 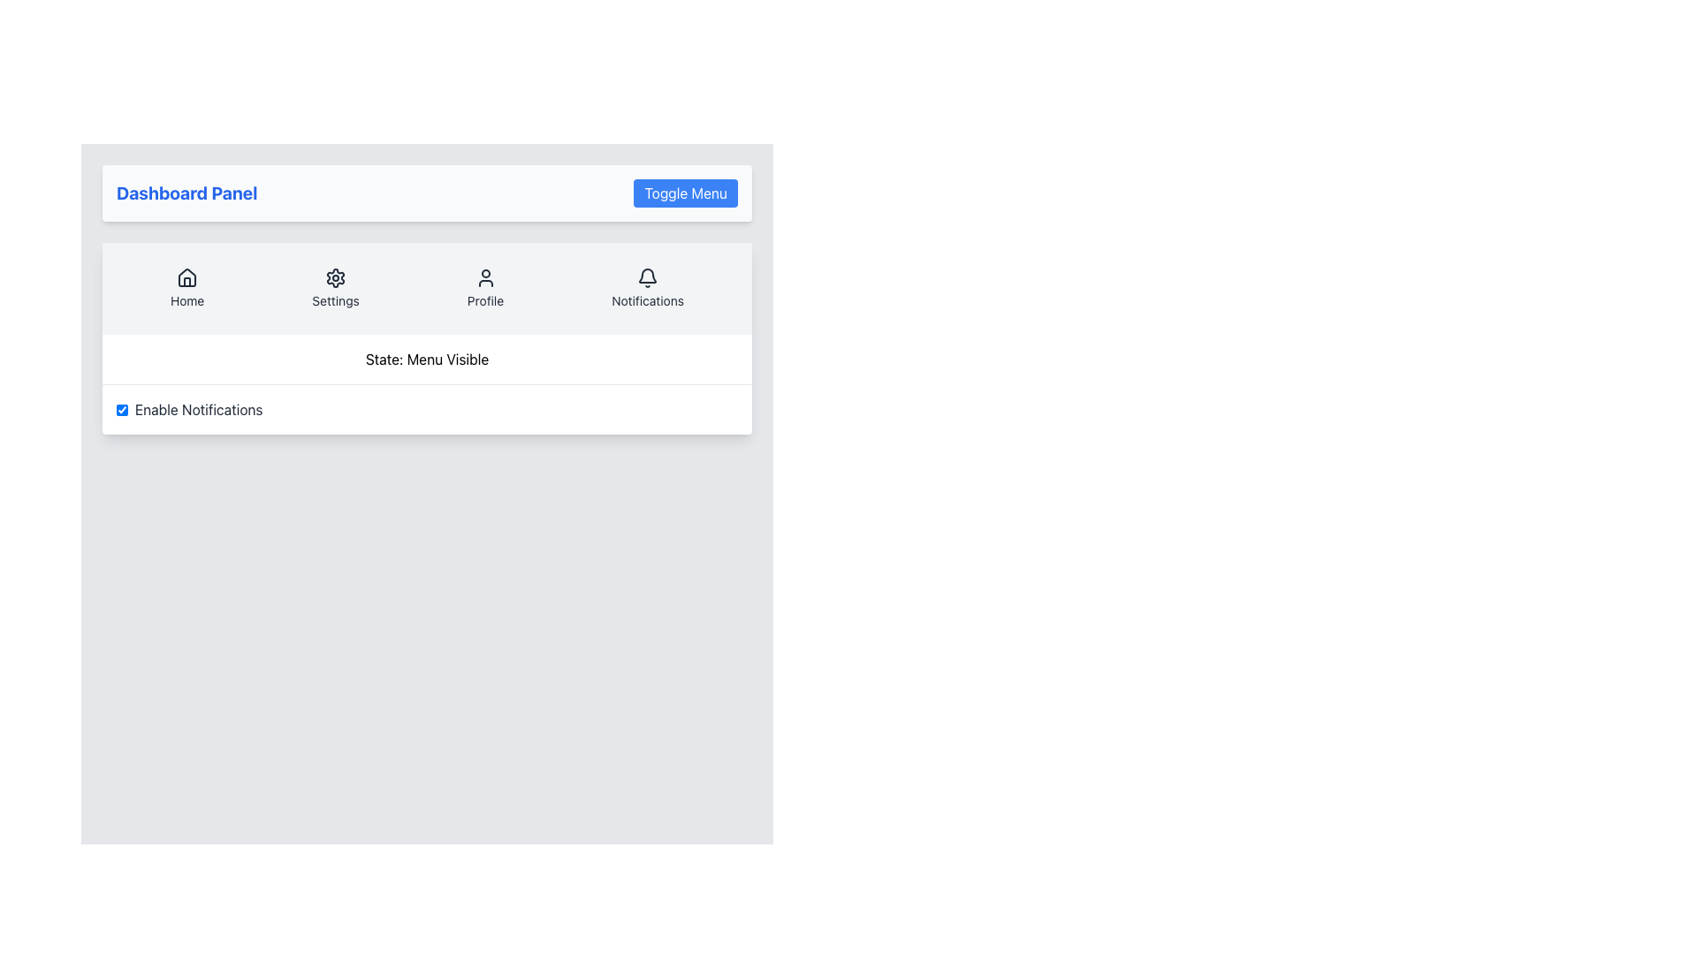 What do you see at coordinates (336, 278) in the screenshot?
I see `the gear icon located in the header of the card grouping, second from the left in the 'Settings' section` at bounding box center [336, 278].